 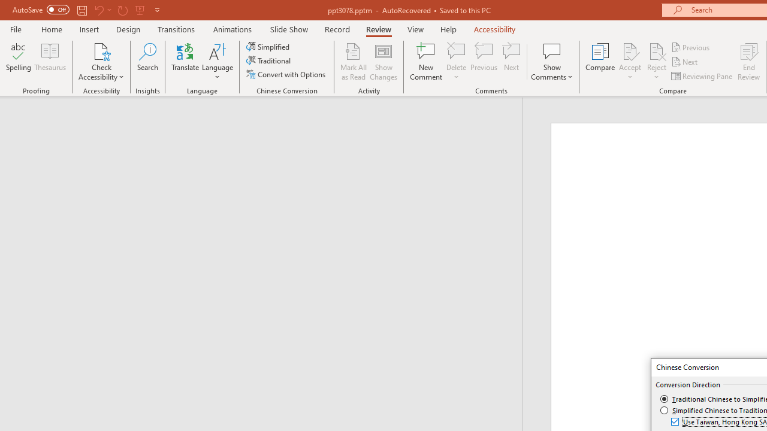 What do you see at coordinates (218, 62) in the screenshot?
I see `'Language'` at bounding box center [218, 62].